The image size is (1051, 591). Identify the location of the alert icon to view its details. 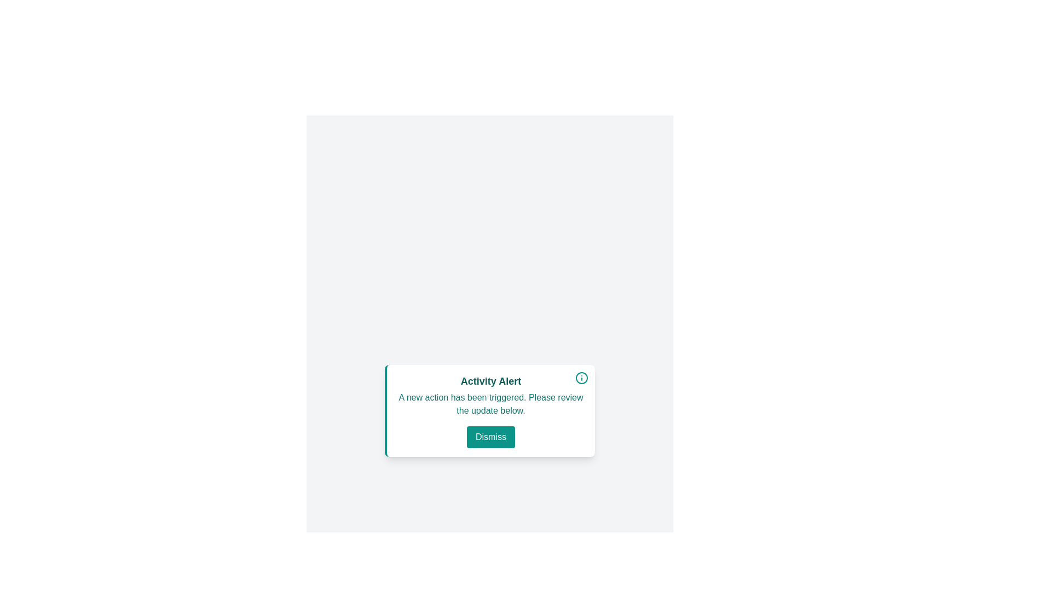
(581, 377).